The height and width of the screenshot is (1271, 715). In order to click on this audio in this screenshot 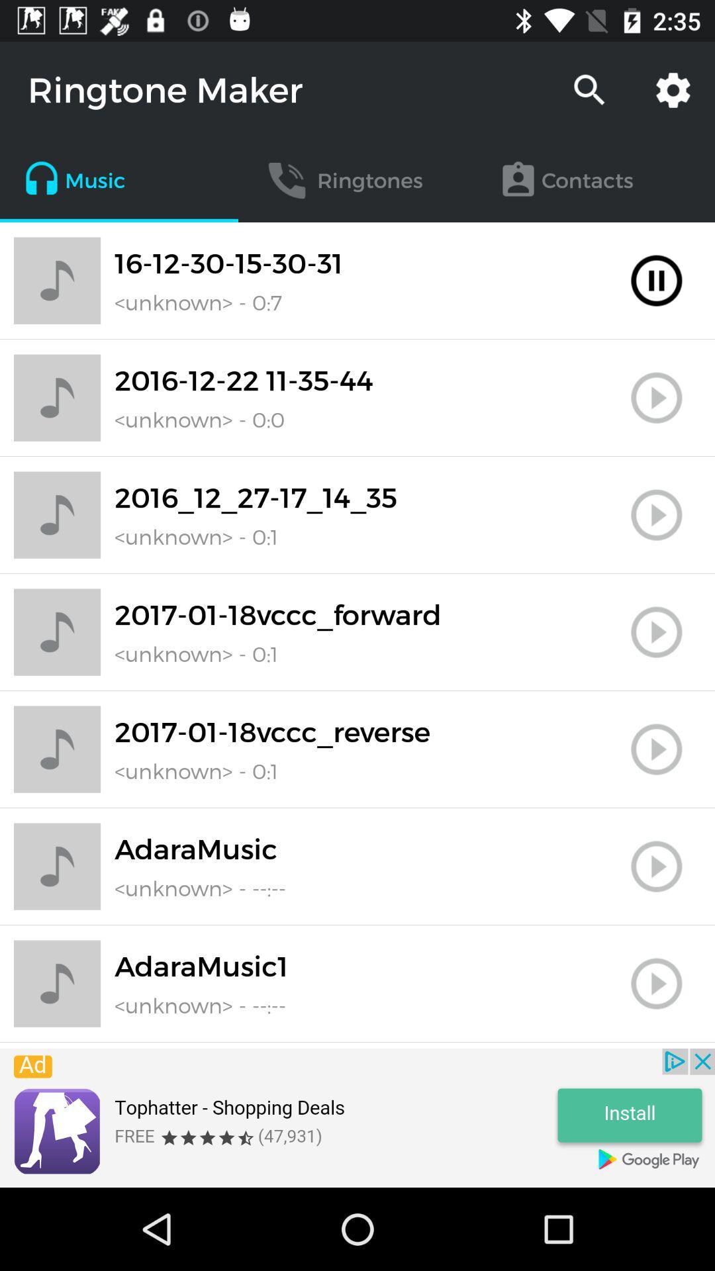, I will do `click(656, 632)`.